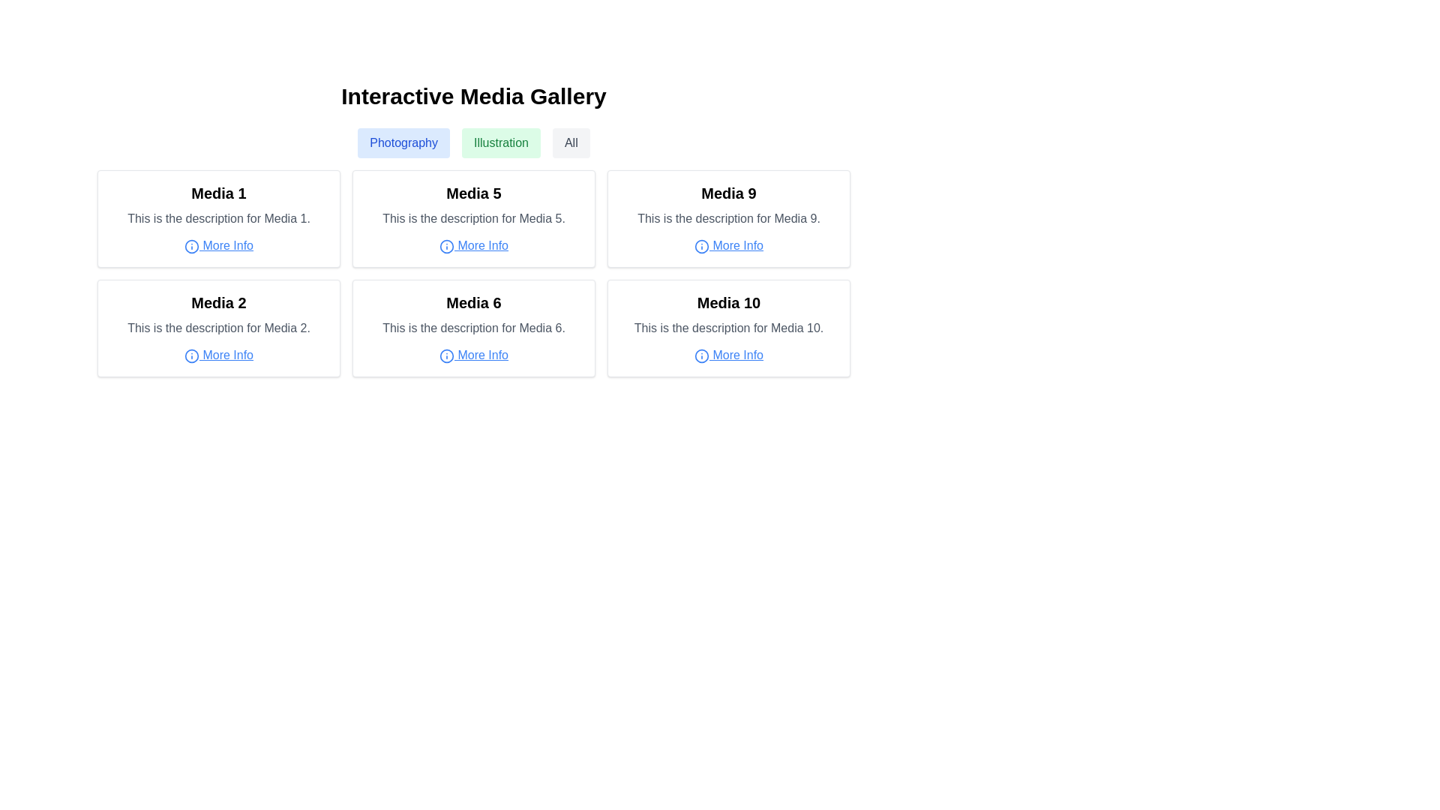 This screenshot has width=1440, height=810. I want to click on the 'All' button with gray text on a white background located below the title 'Interactive Media Gallery', so click(570, 143).